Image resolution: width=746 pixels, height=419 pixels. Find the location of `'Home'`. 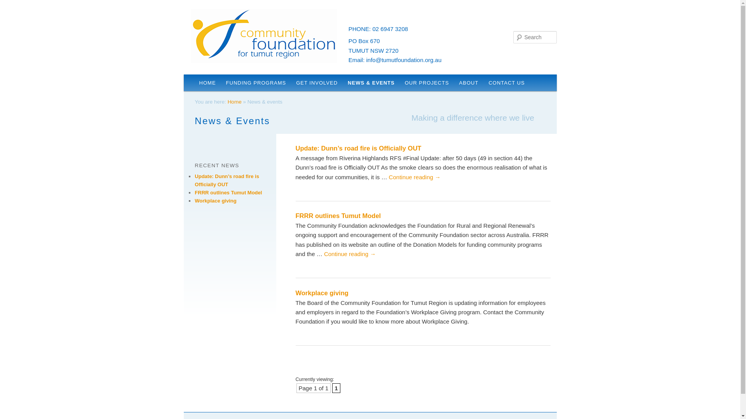

'Home' is located at coordinates (234, 101).